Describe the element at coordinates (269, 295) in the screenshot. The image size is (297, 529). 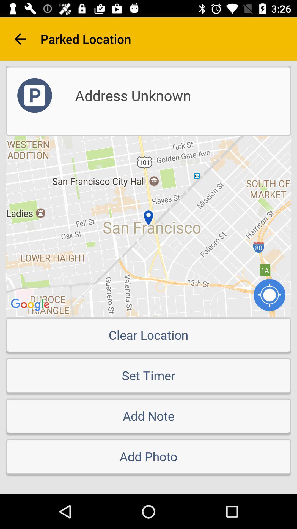
I see `the location_crosshair icon` at that location.